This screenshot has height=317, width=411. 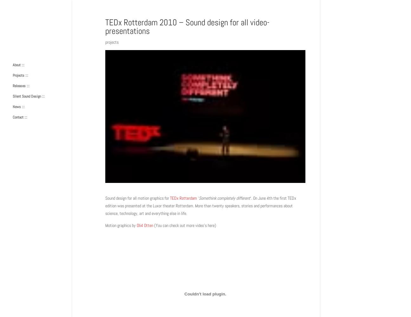 I want to click on 'Motion graphics by', so click(x=121, y=225).